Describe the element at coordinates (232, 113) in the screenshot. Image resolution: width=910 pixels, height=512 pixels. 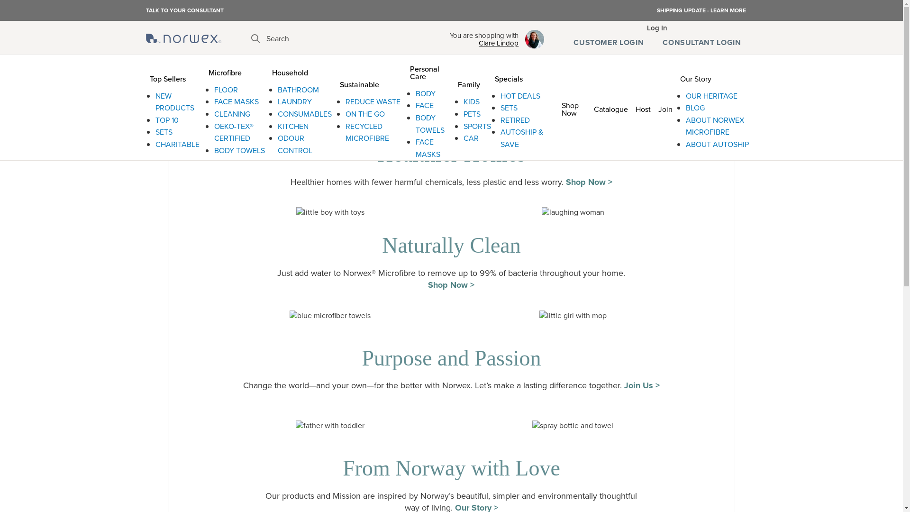
I see `'CLEANING'` at that location.